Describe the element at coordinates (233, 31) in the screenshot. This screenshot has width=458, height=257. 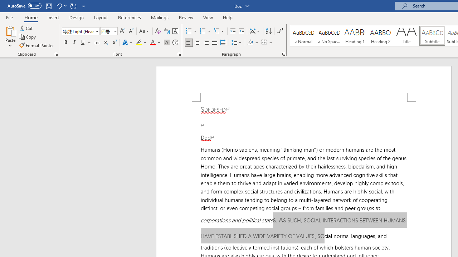
I see `'Decrease Indent'` at that location.